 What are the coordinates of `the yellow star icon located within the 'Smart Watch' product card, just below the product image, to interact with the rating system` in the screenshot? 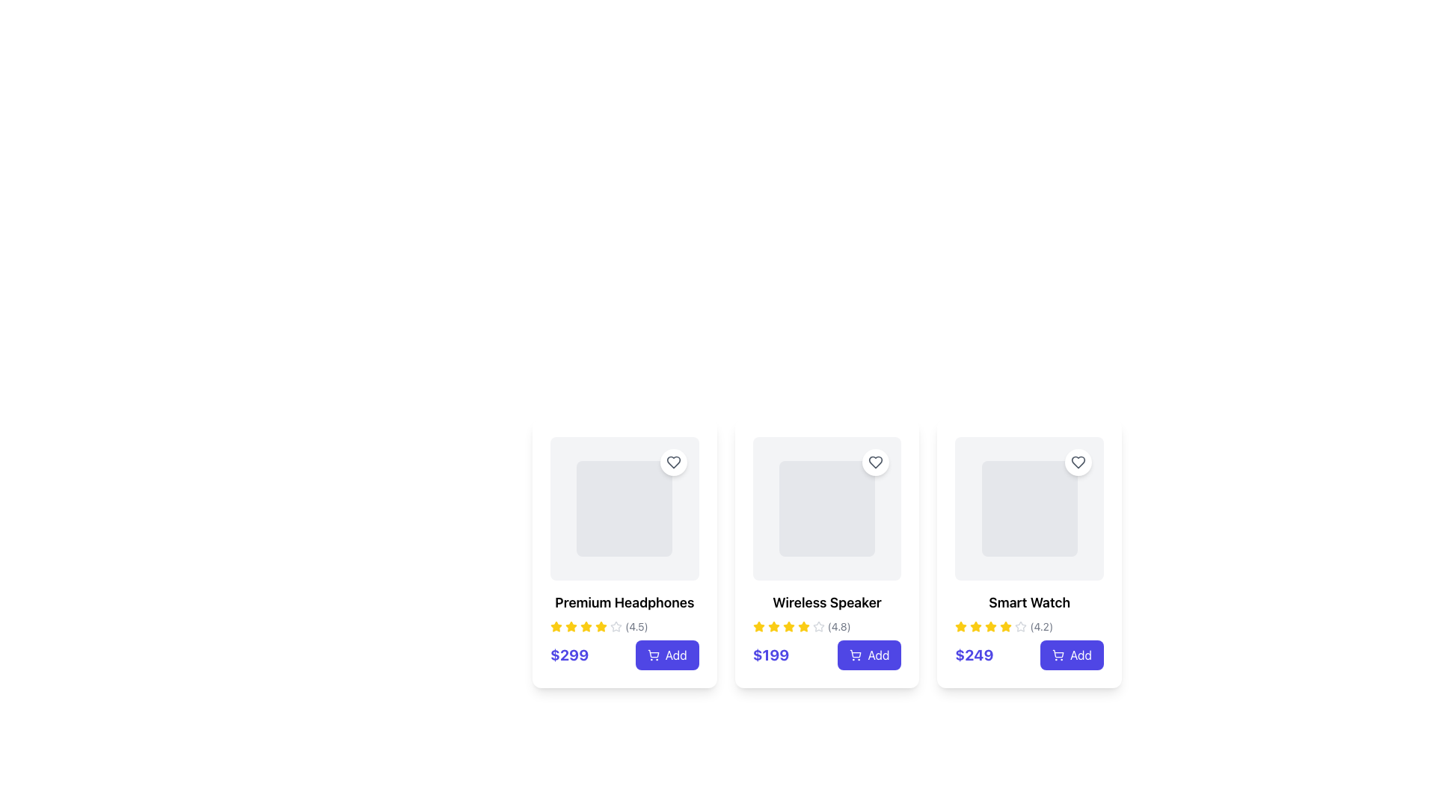 It's located at (961, 626).